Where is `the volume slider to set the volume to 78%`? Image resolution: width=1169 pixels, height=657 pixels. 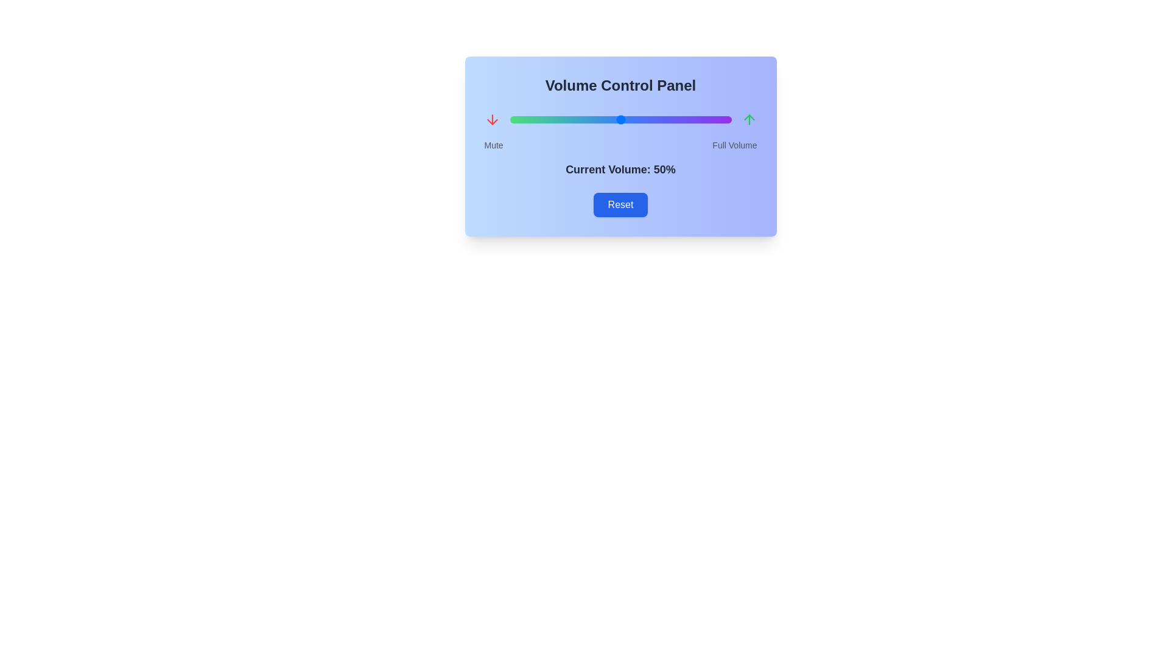 the volume slider to set the volume to 78% is located at coordinates (683, 119).